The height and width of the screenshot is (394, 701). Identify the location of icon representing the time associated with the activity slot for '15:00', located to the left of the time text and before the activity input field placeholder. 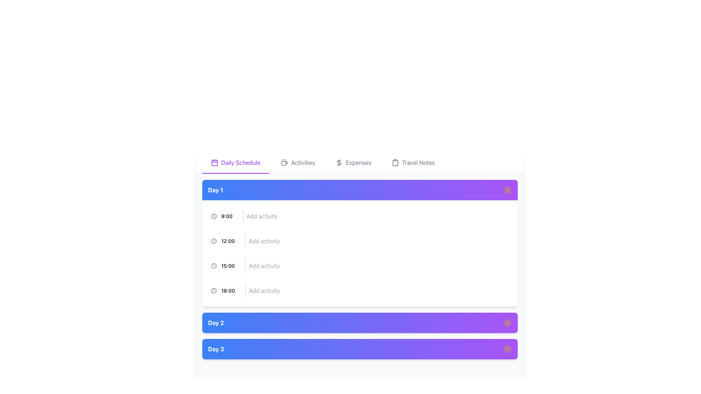
(213, 266).